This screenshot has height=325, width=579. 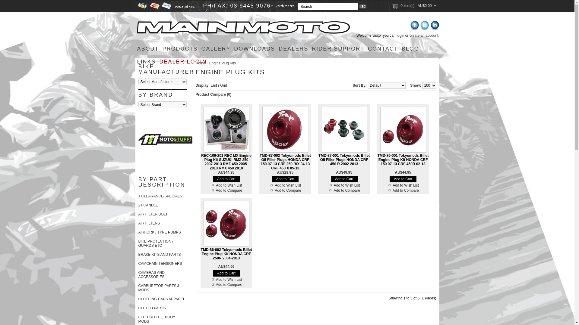 What do you see at coordinates (216, 48) in the screenshot?
I see `'GALLERY'` at bounding box center [216, 48].